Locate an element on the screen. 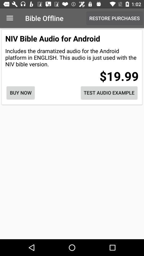 This screenshot has width=144, height=256. test audio example is located at coordinates (109, 93).